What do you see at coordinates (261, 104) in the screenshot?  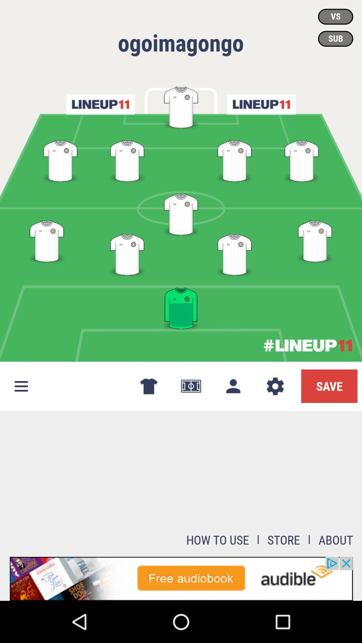 I see `the sliders icon` at bounding box center [261, 104].